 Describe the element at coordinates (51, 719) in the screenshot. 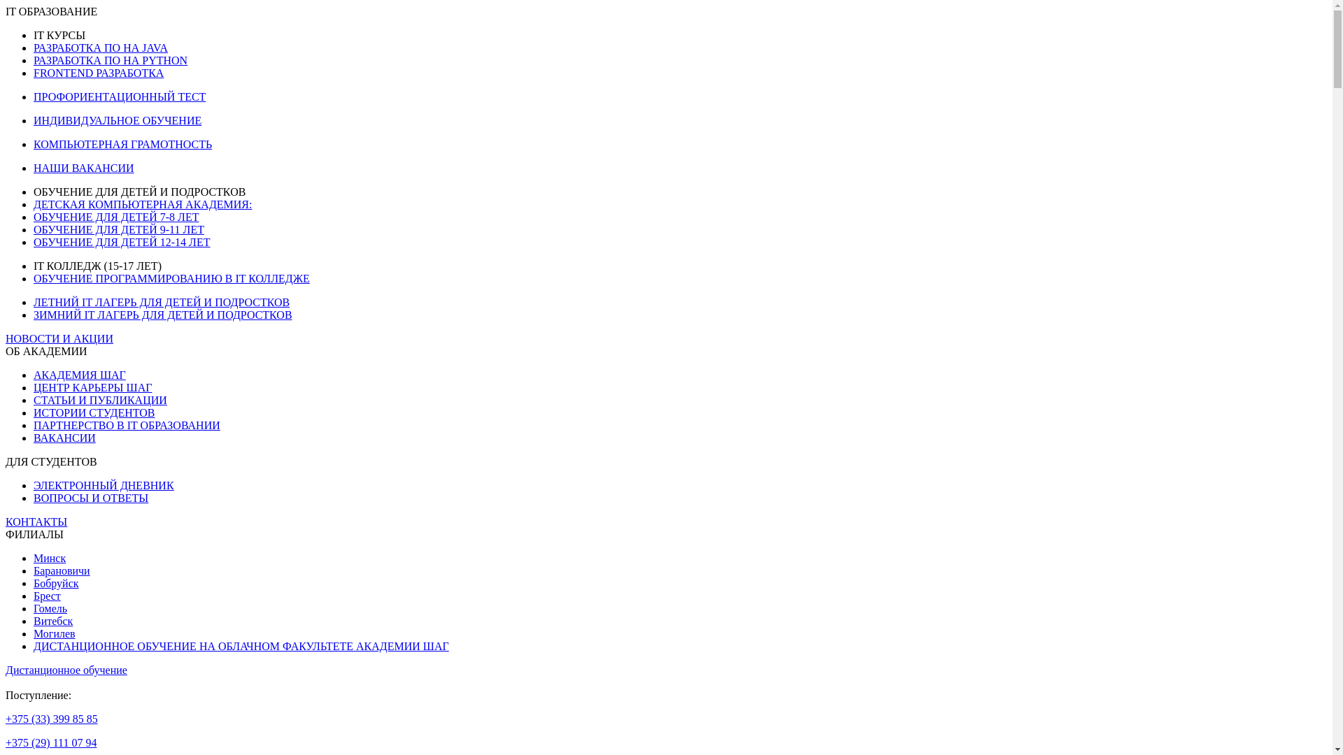

I see `'+375 (33) 399 85 85'` at that location.